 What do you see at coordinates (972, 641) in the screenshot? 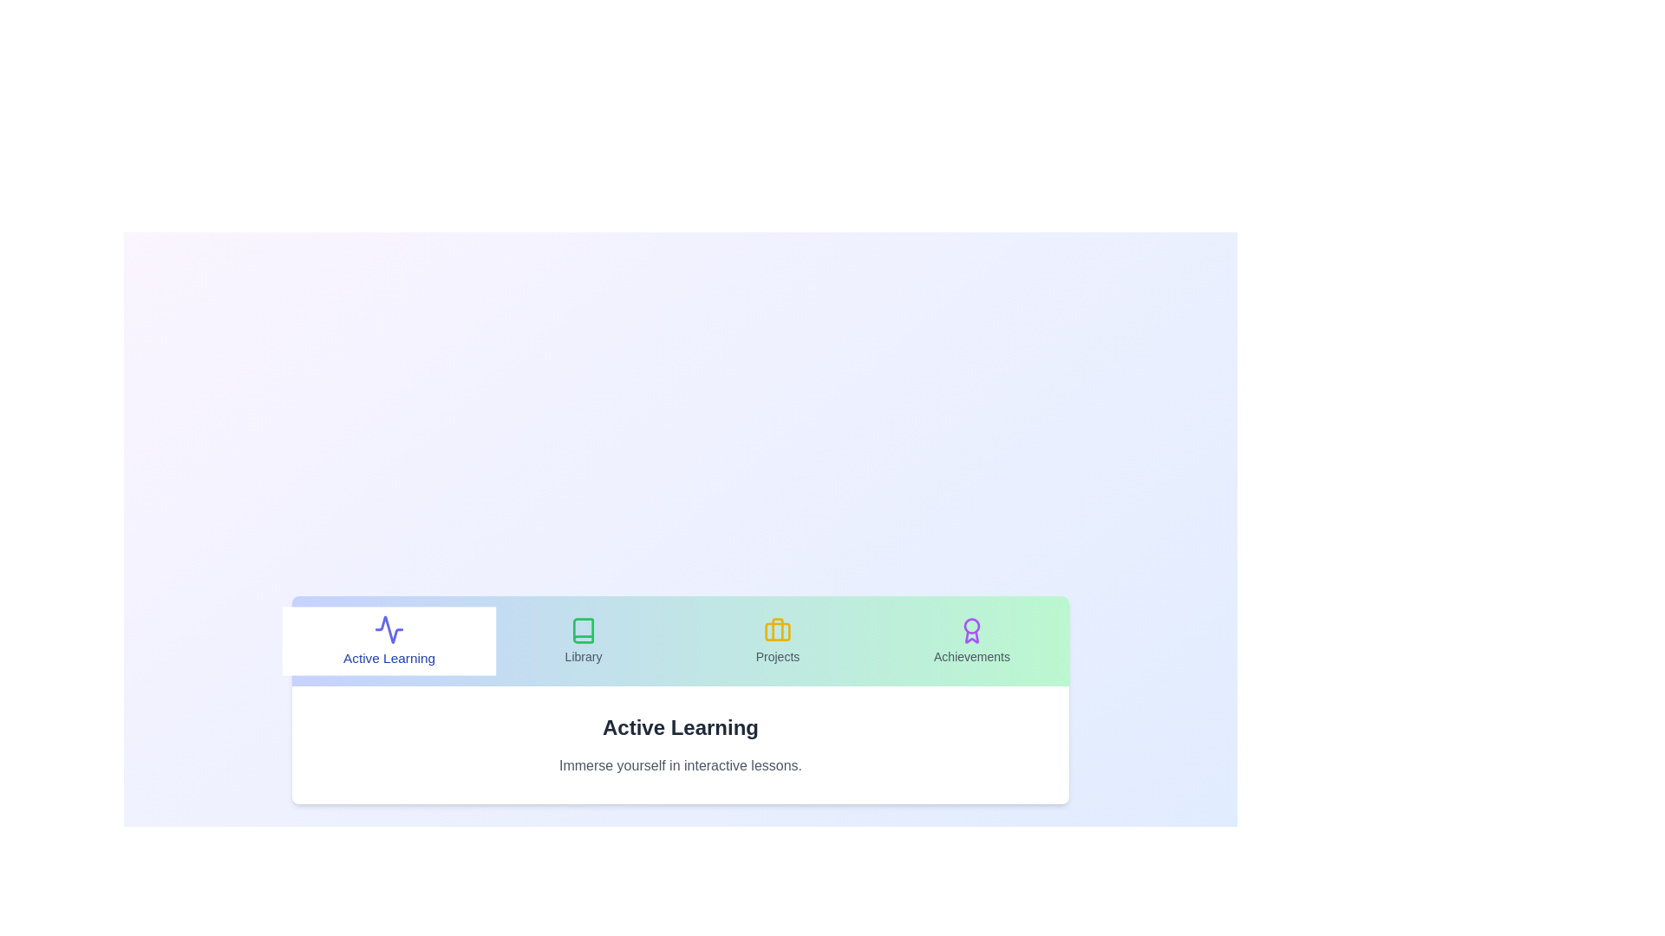
I see `the tab labeled Achievements to observe its hover effect` at bounding box center [972, 641].